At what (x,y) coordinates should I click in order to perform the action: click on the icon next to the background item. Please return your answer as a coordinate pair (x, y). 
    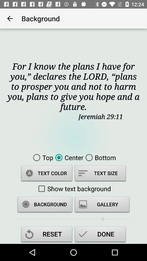
    Looking at the image, I should click on (10, 18).